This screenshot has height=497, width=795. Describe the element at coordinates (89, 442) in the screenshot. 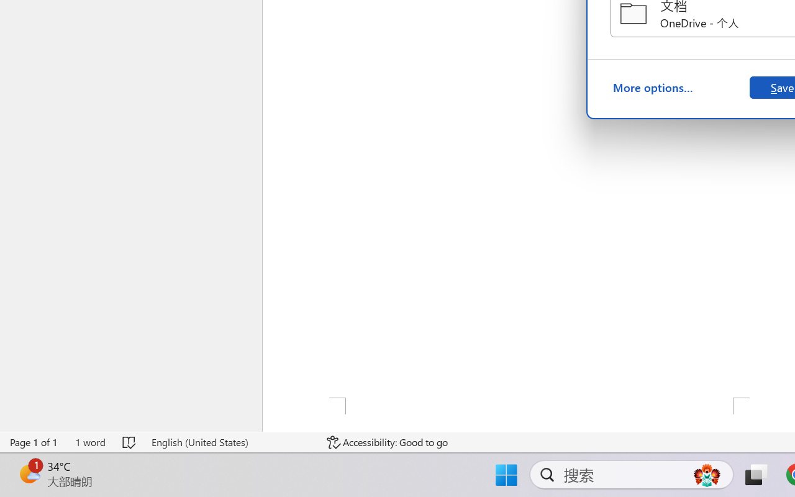

I see `'Word Count 1 word'` at that location.